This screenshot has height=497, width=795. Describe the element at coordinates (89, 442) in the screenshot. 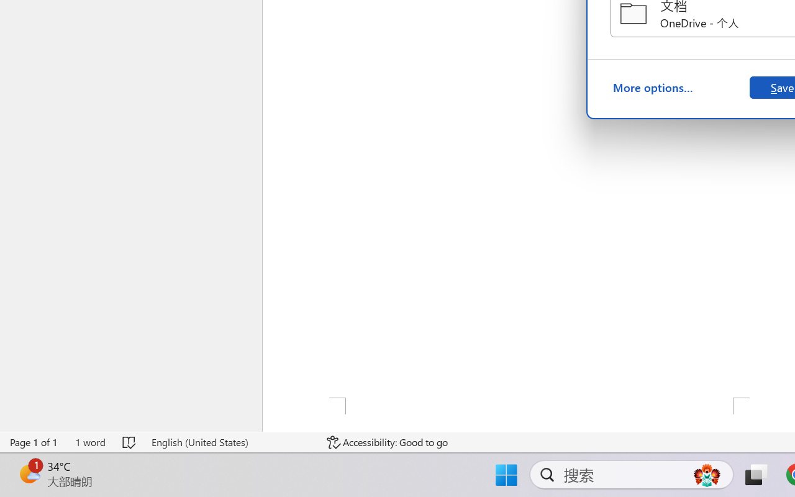

I see `'Word Count 1 word'` at that location.